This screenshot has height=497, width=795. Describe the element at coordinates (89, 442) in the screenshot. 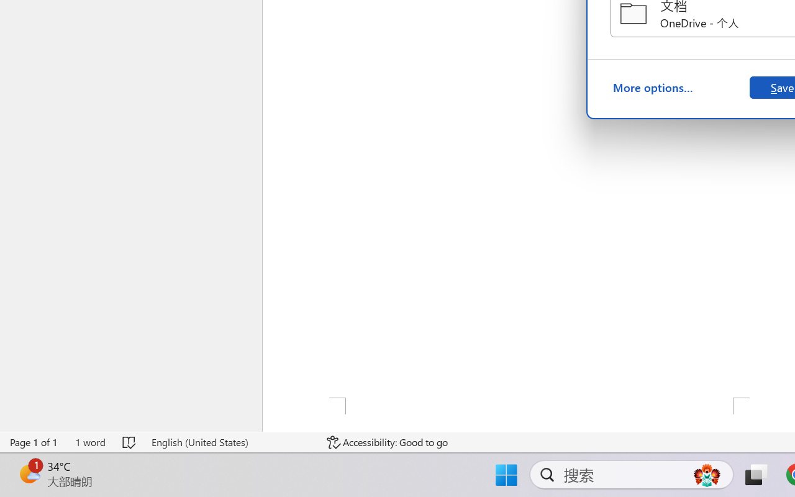

I see `'Word Count 1 word'` at that location.